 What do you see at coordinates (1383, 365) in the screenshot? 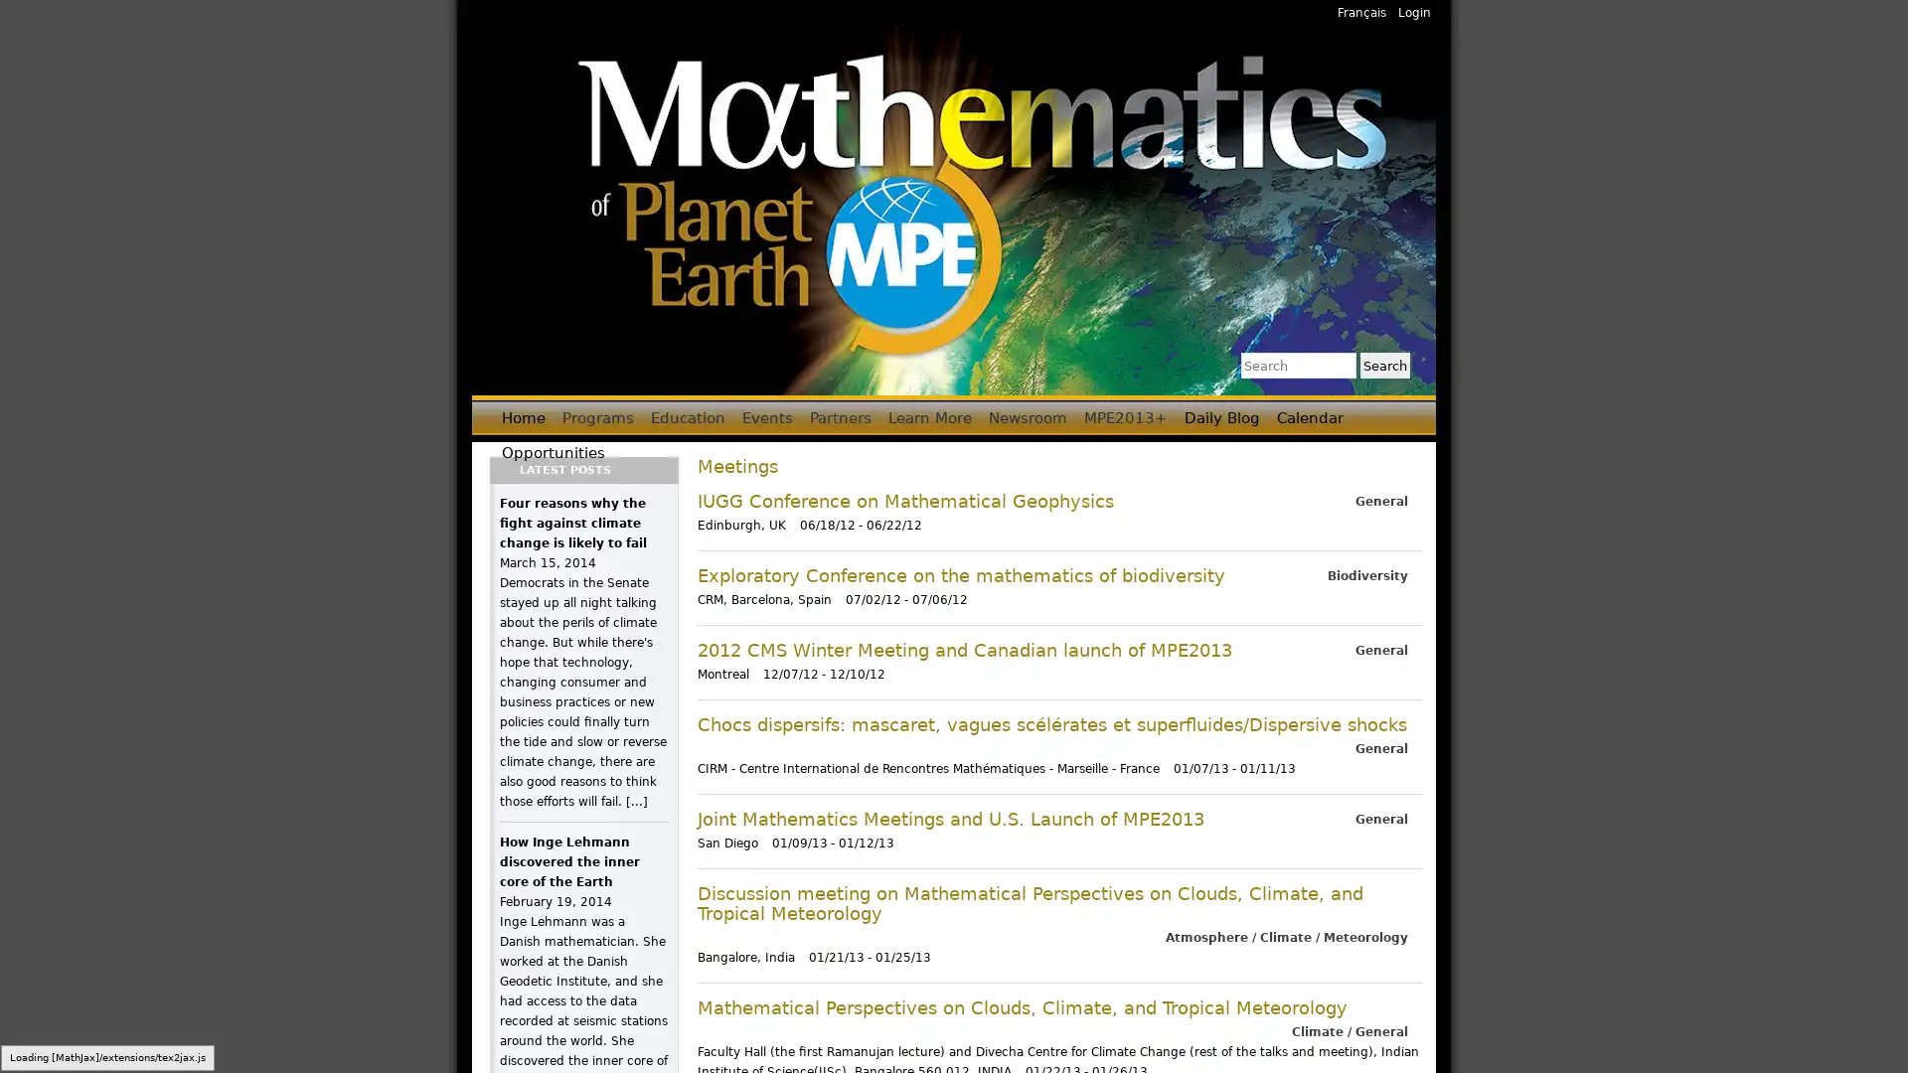
I see `Search` at bounding box center [1383, 365].